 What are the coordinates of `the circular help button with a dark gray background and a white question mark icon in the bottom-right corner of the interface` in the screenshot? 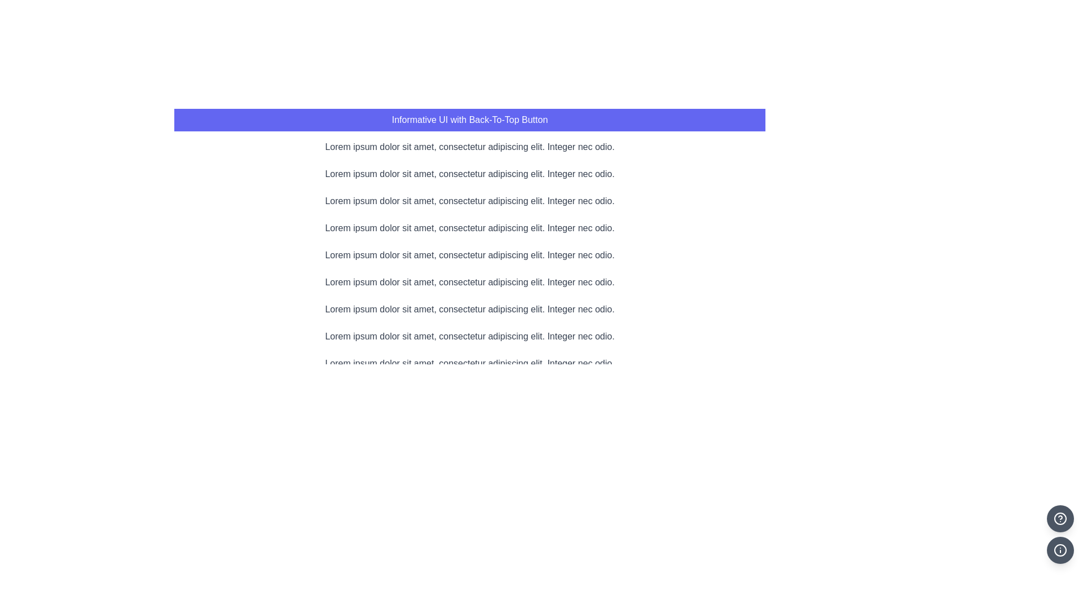 It's located at (1060, 519).